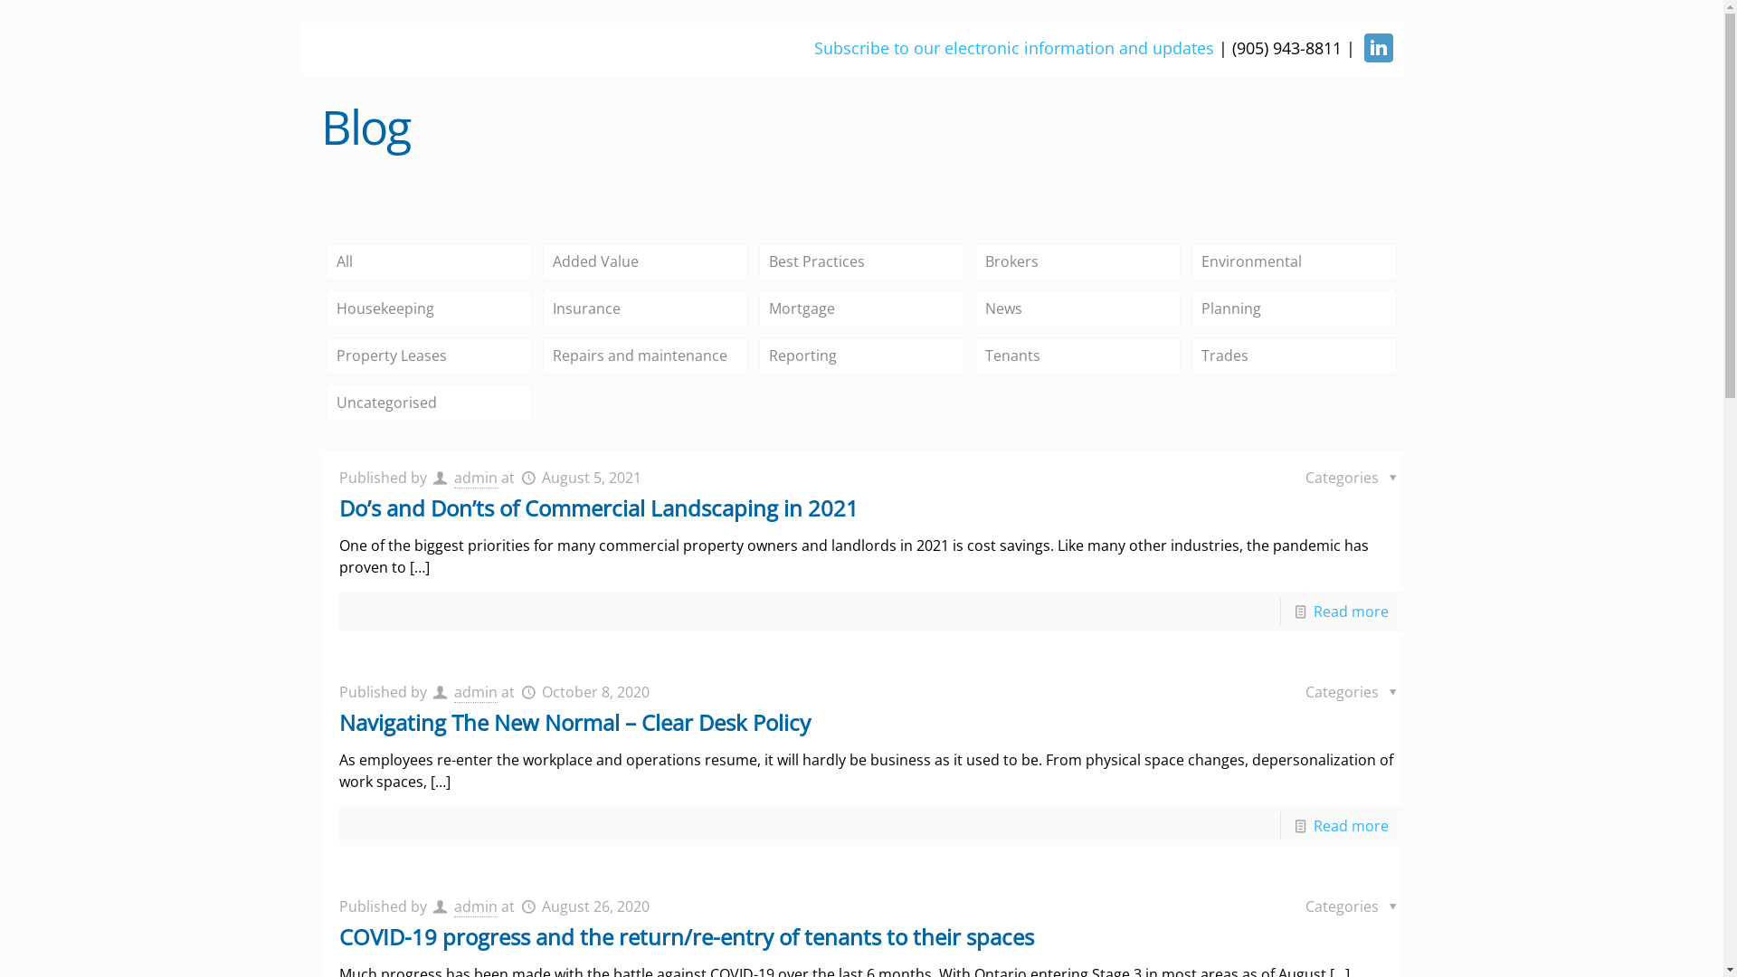  Describe the element at coordinates (860, 261) in the screenshot. I see `'Best Practices'` at that location.